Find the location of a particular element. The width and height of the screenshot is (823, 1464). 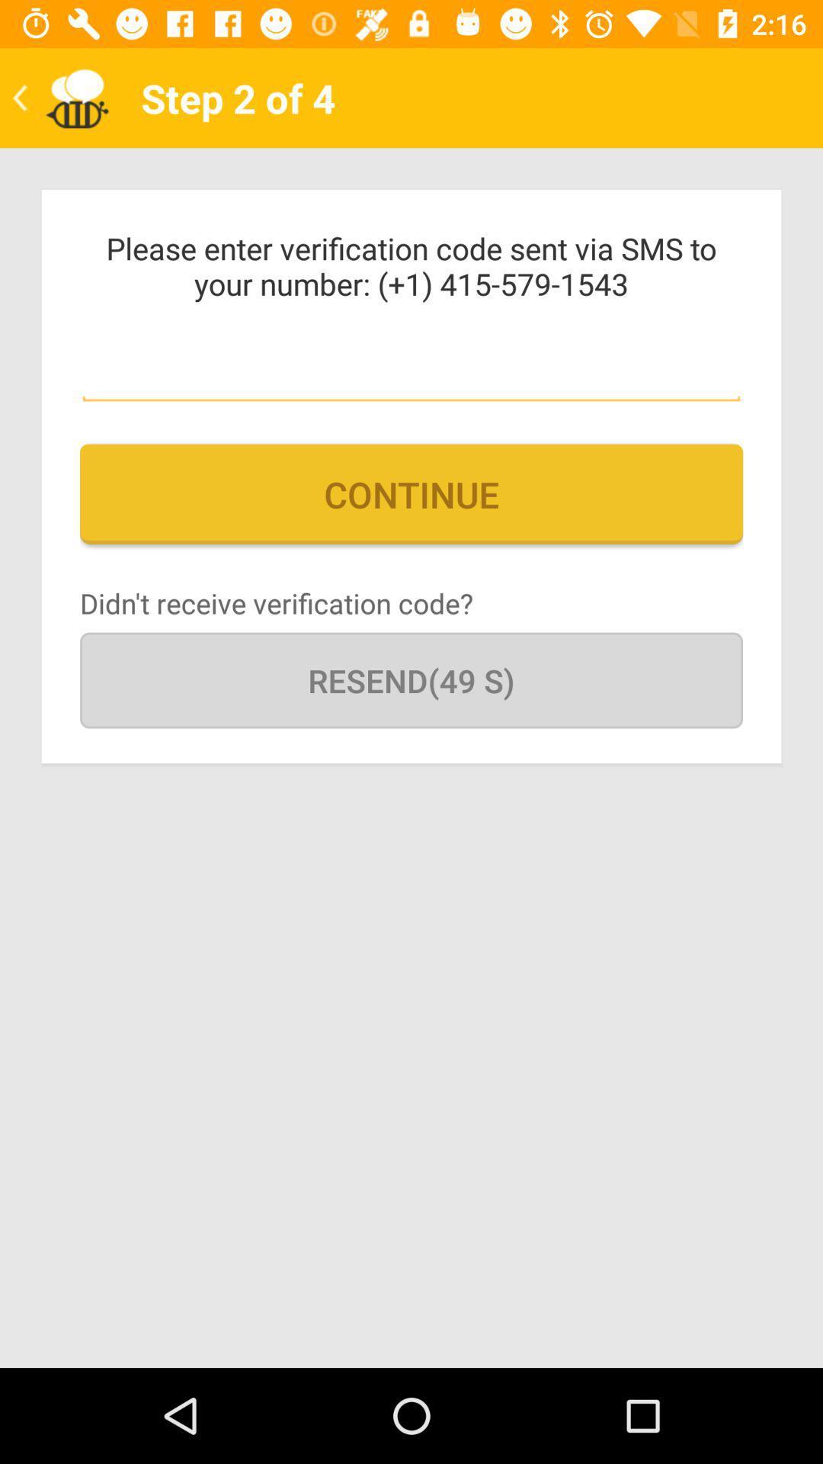

the icon below the didn t receive is located at coordinates (411, 679).